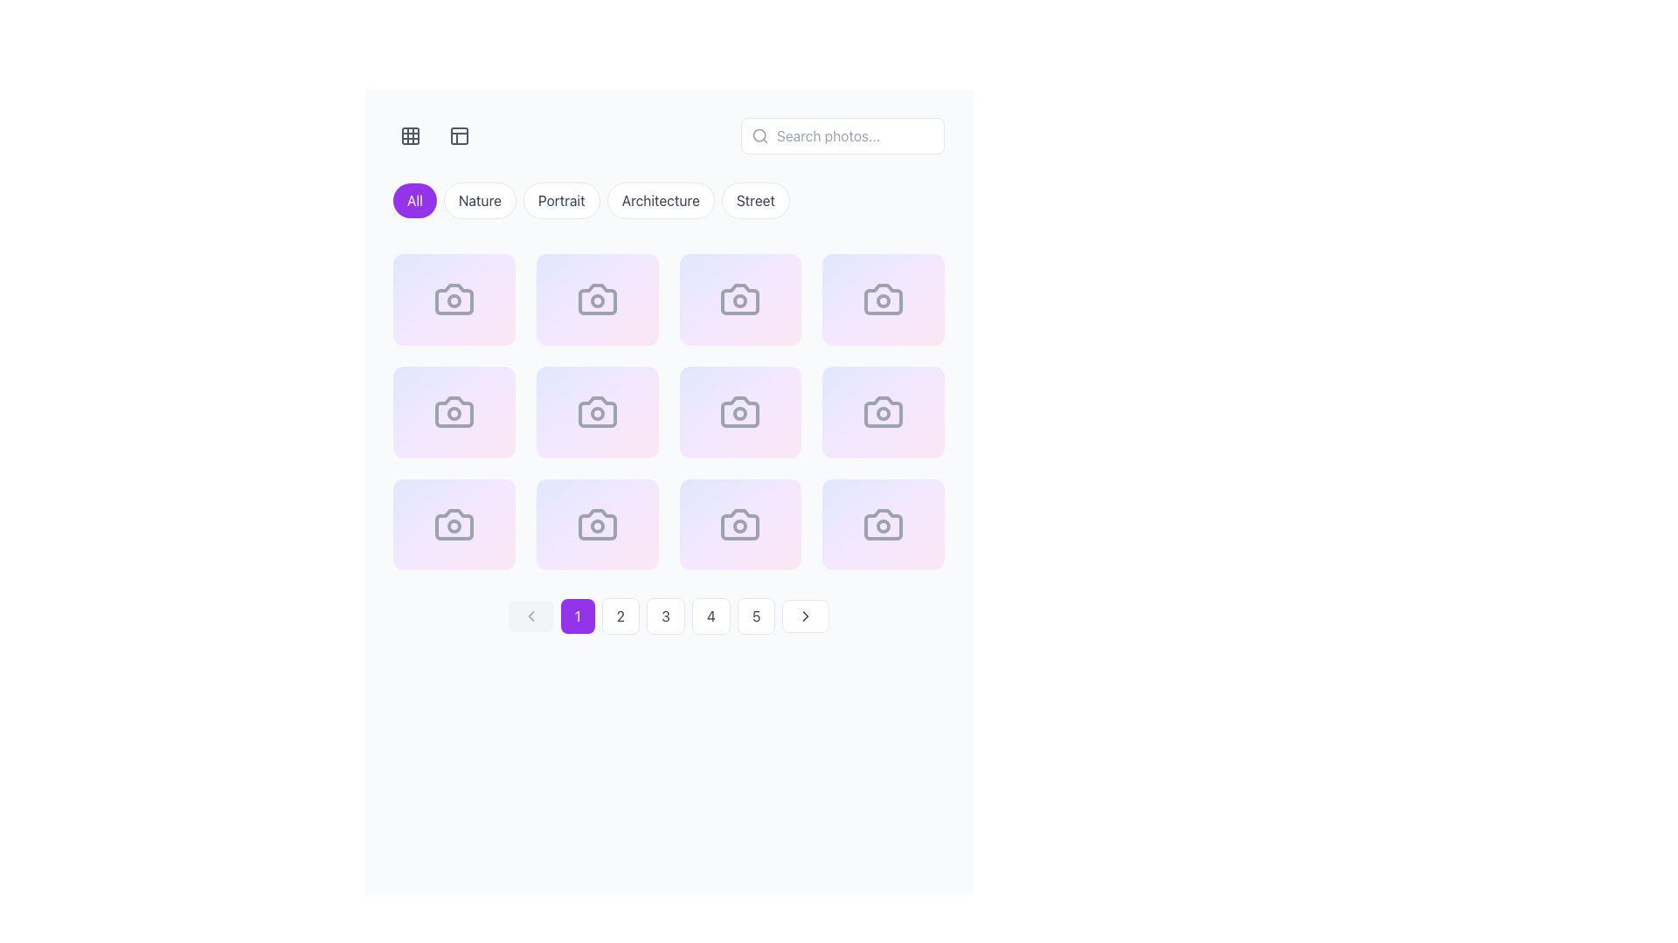 The width and height of the screenshot is (1678, 943). What do you see at coordinates (787, 316) in the screenshot?
I see `the circular button with an eye icon` at bounding box center [787, 316].